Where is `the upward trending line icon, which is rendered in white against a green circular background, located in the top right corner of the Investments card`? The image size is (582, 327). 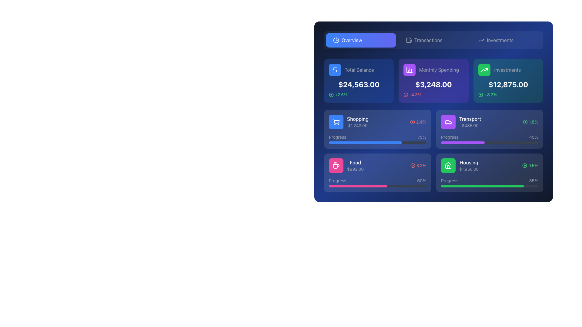 the upward trending line icon, which is rendered in white against a green circular background, located in the top right corner of the Investments card is located at coordinates (484, 70).